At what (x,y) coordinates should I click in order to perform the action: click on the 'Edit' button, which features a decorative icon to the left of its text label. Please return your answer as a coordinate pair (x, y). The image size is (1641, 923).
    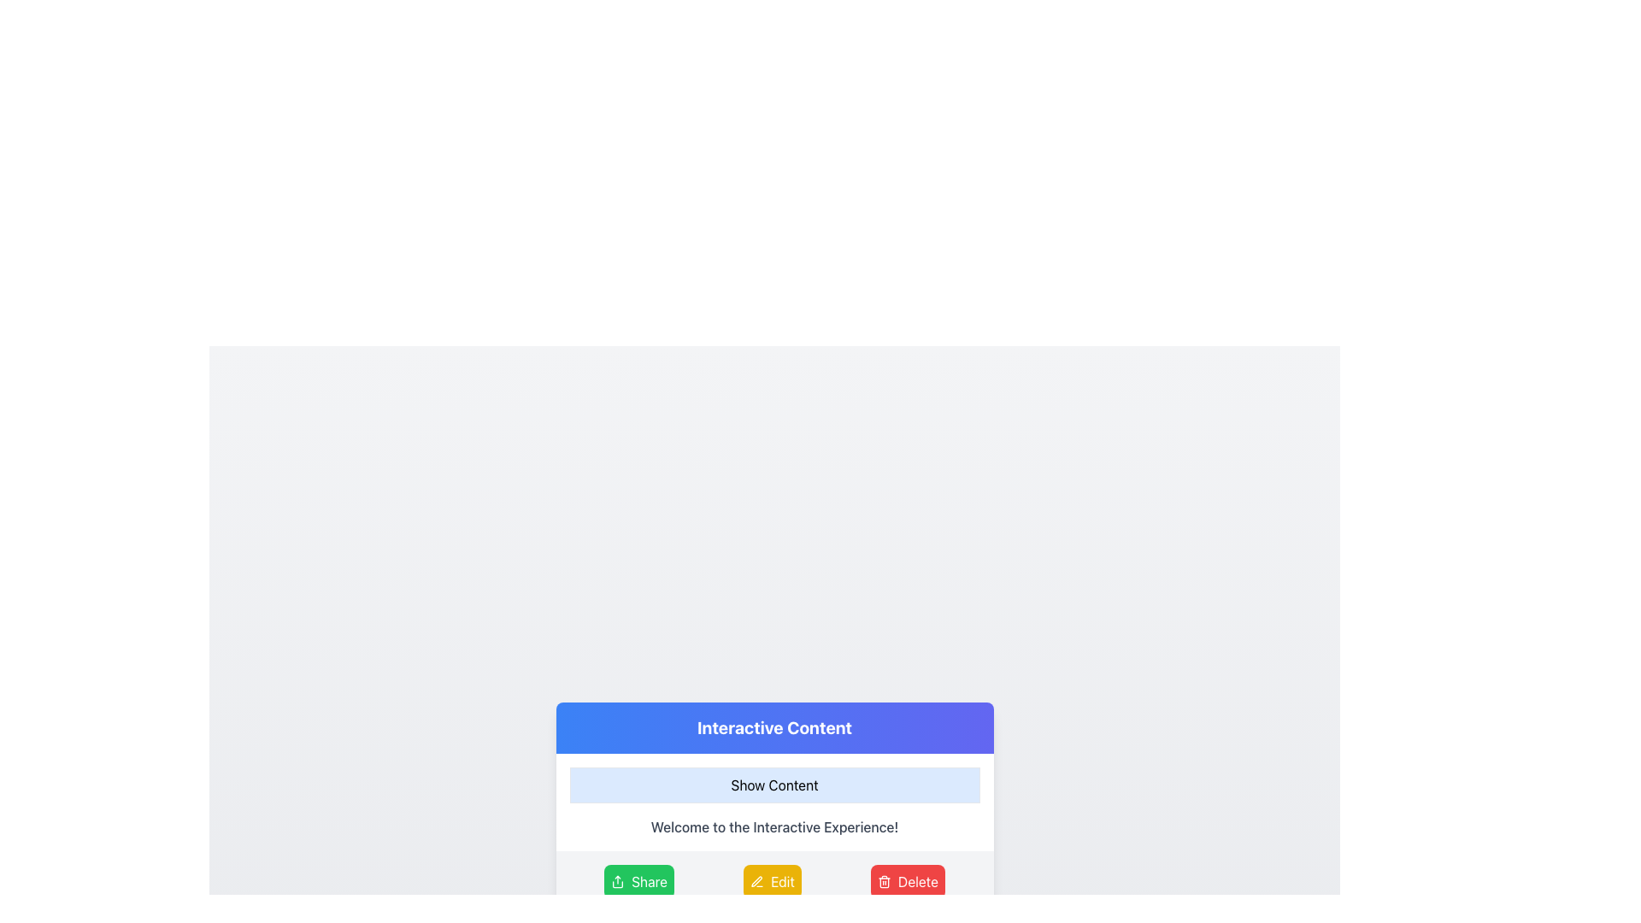
    Looking at the image, I should click on (756, 882).